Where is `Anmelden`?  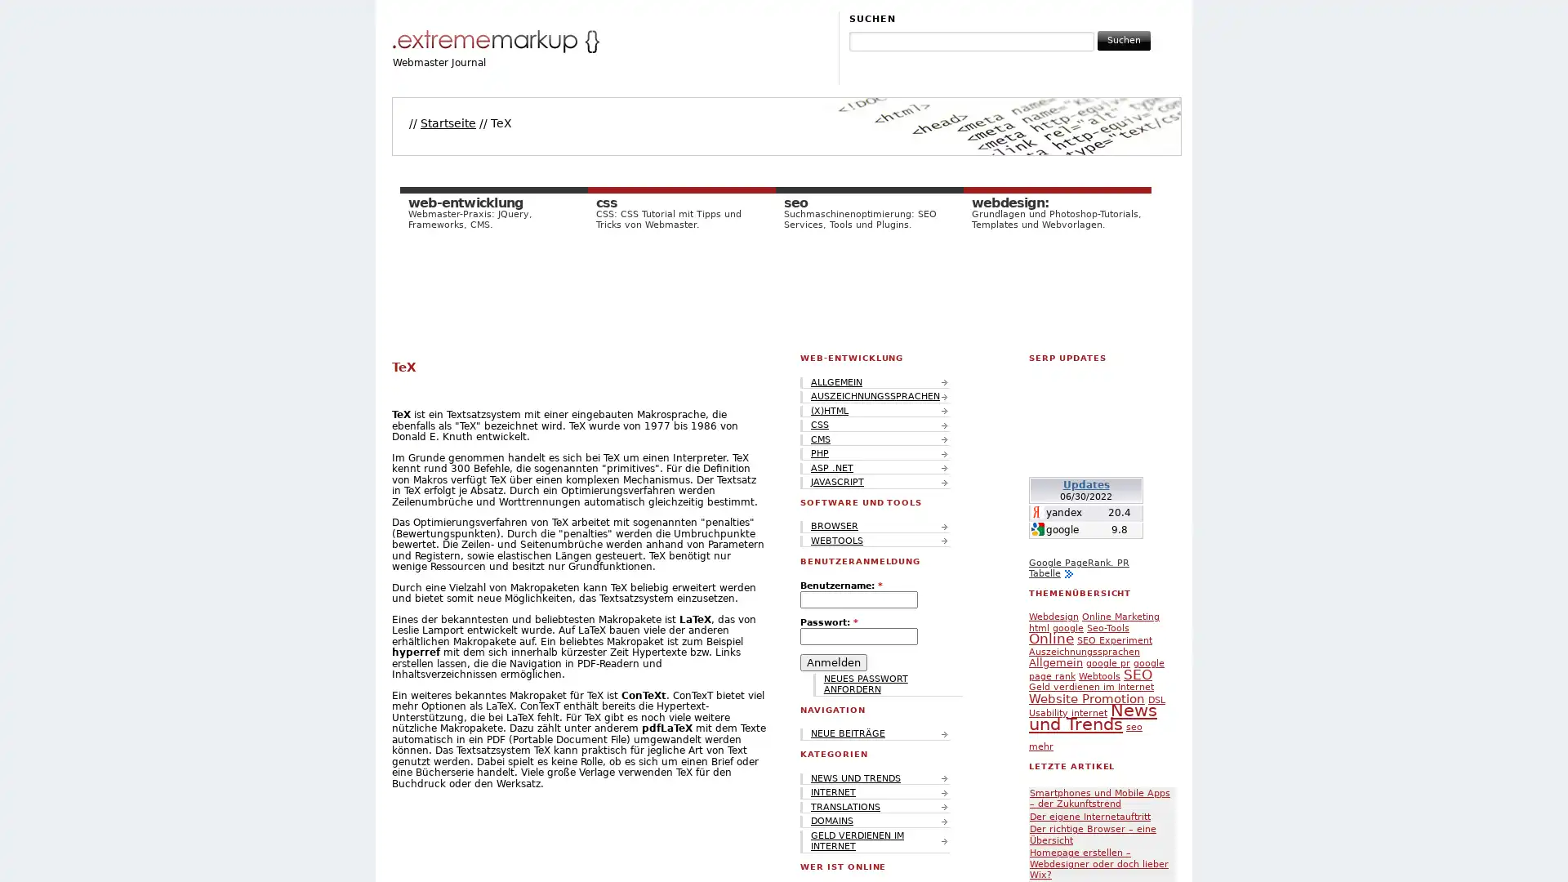
Anmelden is located at coordinates (834, 661).